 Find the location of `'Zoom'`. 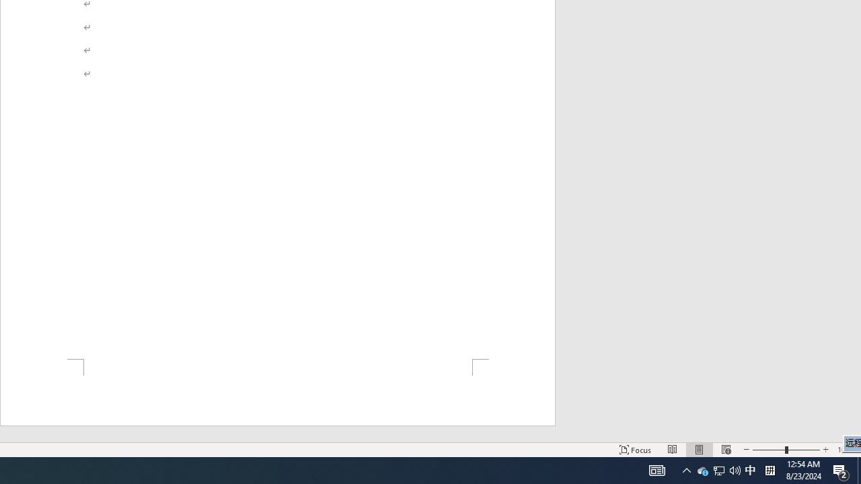

'Zoom' is located at coordinates (786, 450).